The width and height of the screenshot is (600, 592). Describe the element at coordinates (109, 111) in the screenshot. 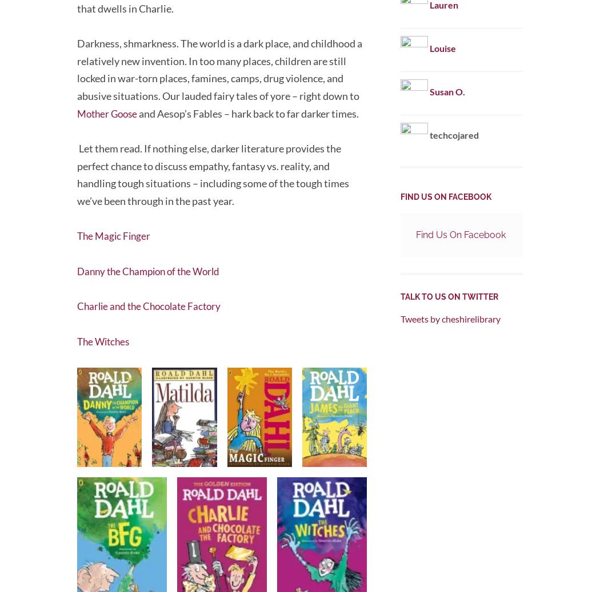

I see `'Mother Goose'` at that location.